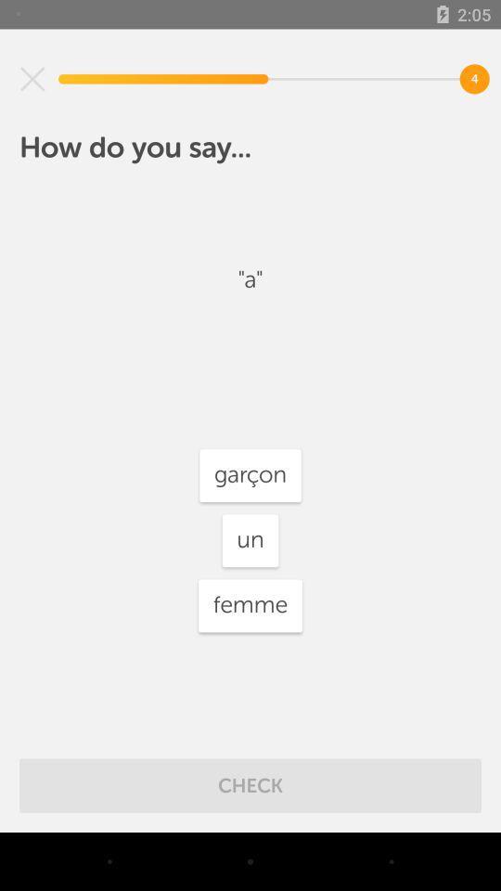  What do you see at coordinates (250, 540) in the screenshot?
I see `icon above the femme icon` at bounding box center [250, 540].